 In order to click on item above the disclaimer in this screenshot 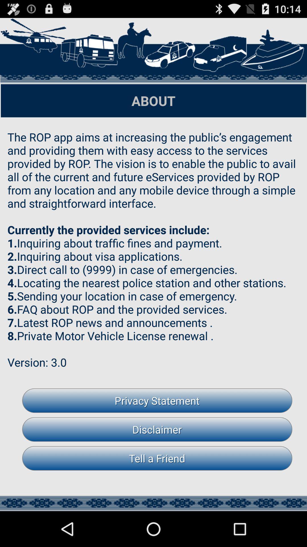, I will do `click(157, 400)`.